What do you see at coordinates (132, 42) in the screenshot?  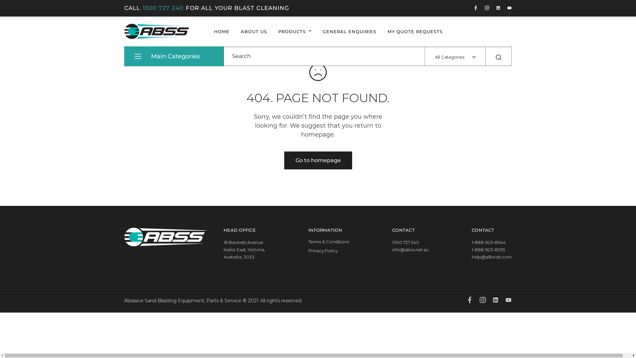 I see `'Abrasive Blasting Service & Supplies'` at bounding box center [132, 42].